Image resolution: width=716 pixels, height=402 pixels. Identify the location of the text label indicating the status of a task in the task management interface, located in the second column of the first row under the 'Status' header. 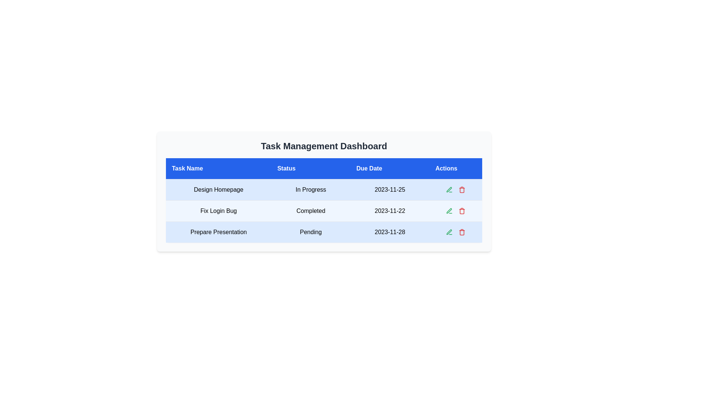
(311, 189).